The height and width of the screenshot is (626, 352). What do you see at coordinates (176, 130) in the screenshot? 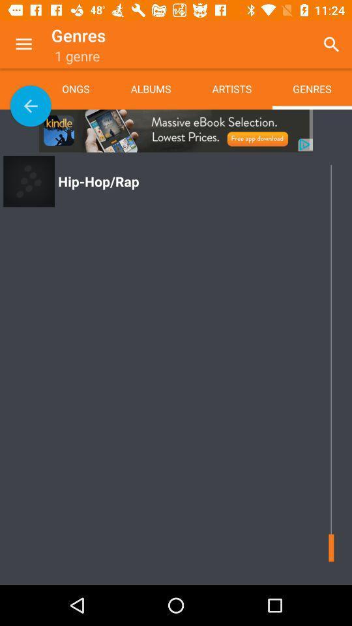
I see `open kindle advertisement` at bounding box center [176, 130].